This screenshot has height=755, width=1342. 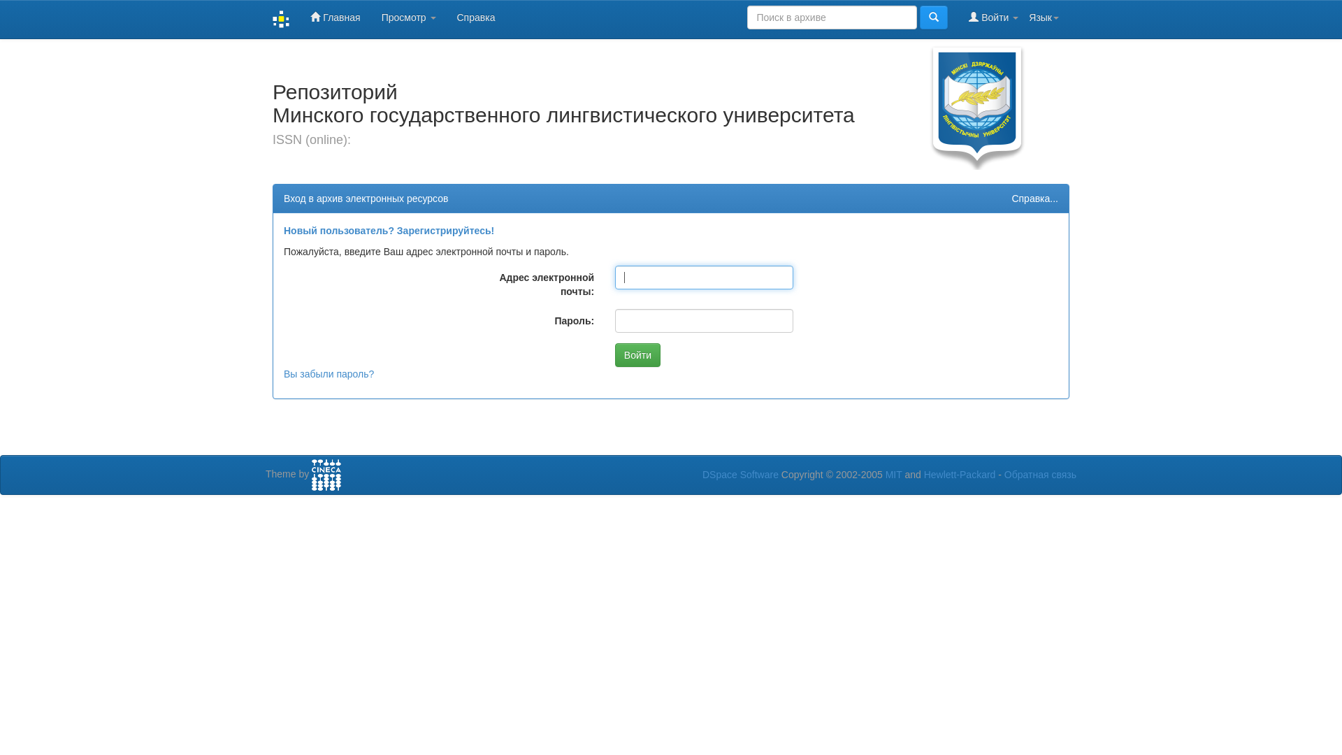 What do you see at coordinates (893, 473) in the screenshot?
I see `'MIT'` at bounding box center [893, 473].